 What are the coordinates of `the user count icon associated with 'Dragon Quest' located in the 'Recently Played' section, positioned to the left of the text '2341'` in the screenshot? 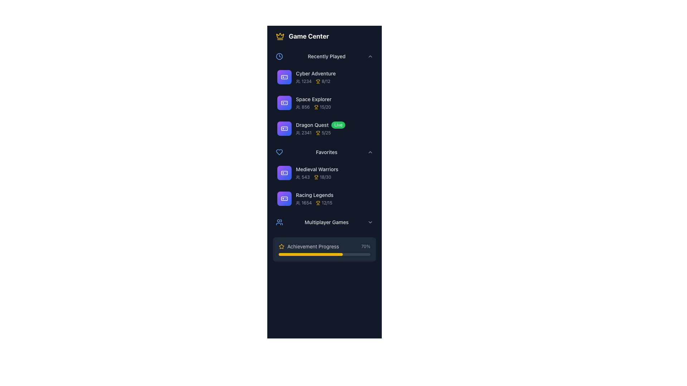 It's located at (298, 133).